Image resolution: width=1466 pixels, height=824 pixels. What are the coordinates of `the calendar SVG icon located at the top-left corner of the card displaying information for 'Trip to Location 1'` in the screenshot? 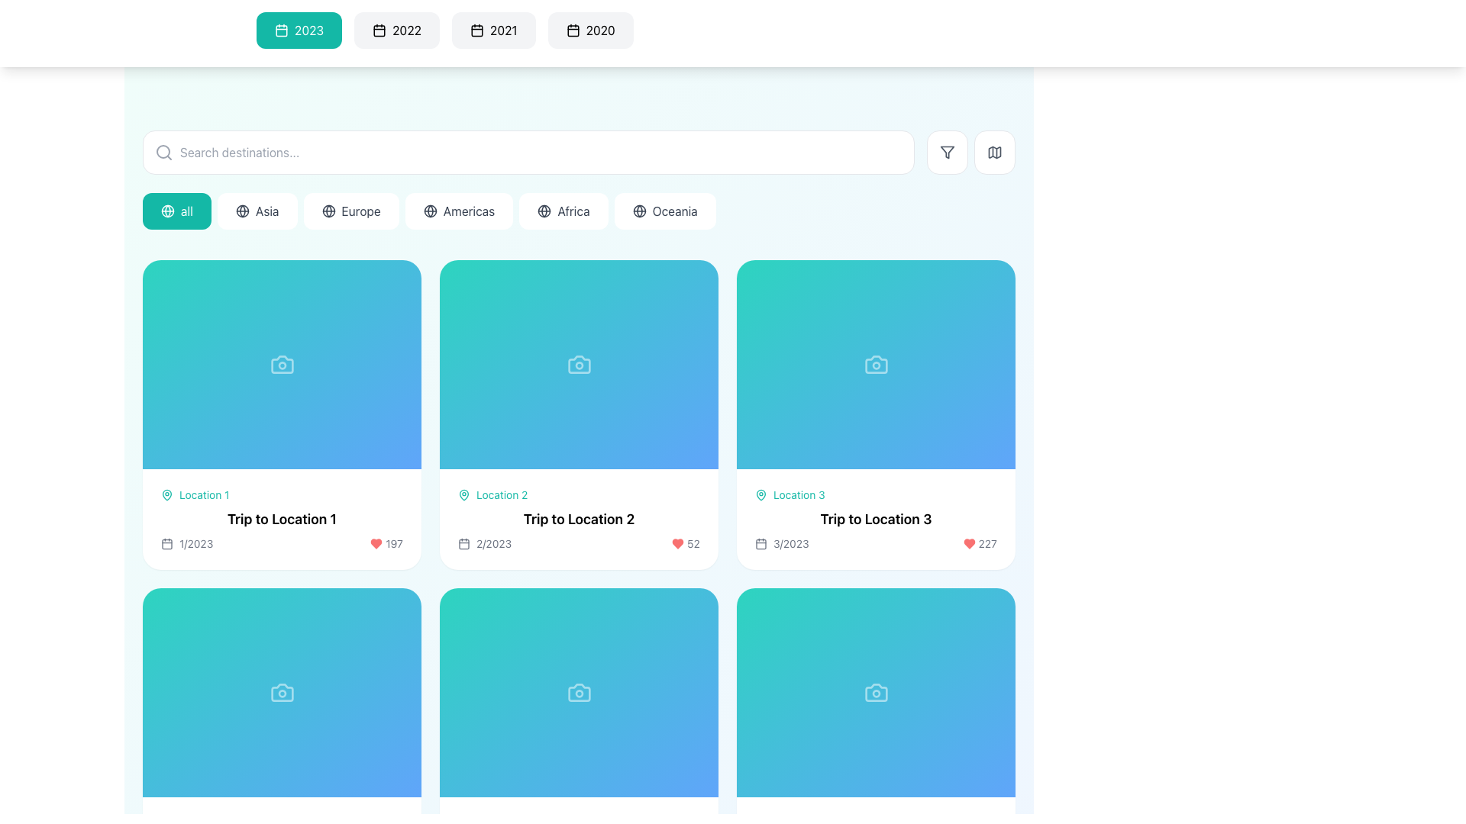 It's located at (167, 542).